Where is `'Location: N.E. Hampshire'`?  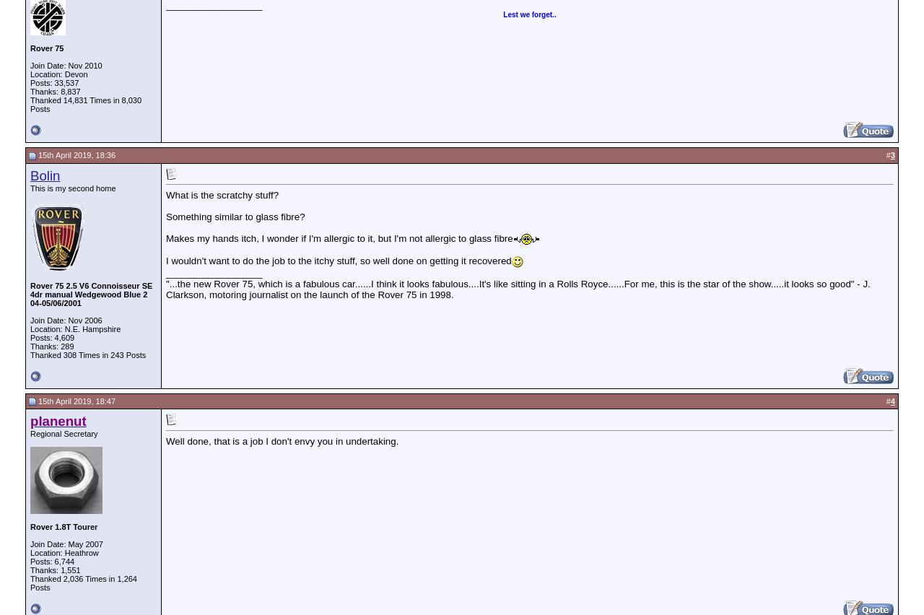
'Location: N.E. Hampshire' is located at coordinates (74, 327).